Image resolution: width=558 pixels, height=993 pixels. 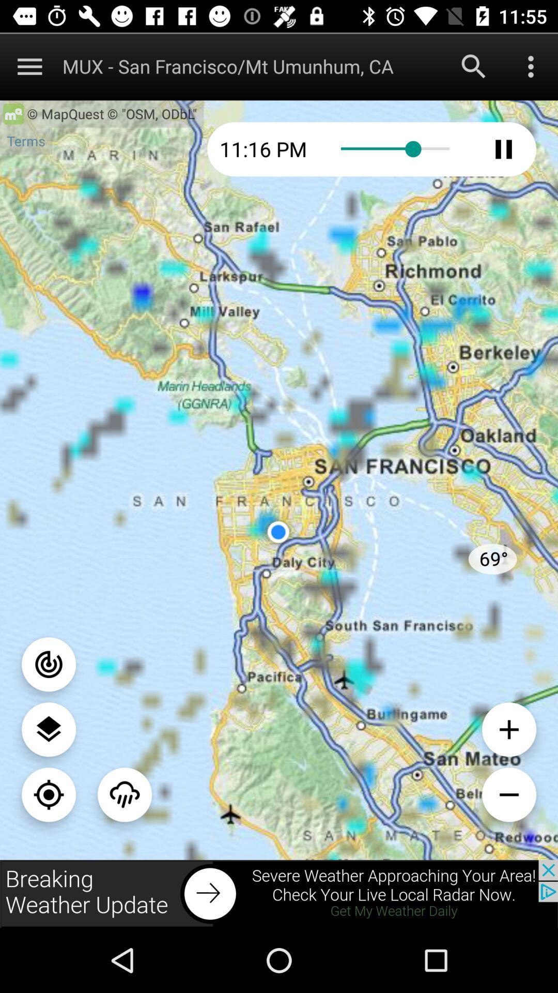 What do you see at coordinates (503, 148) in the screenshot?
I see `pause` at bounding box center [503, 148].